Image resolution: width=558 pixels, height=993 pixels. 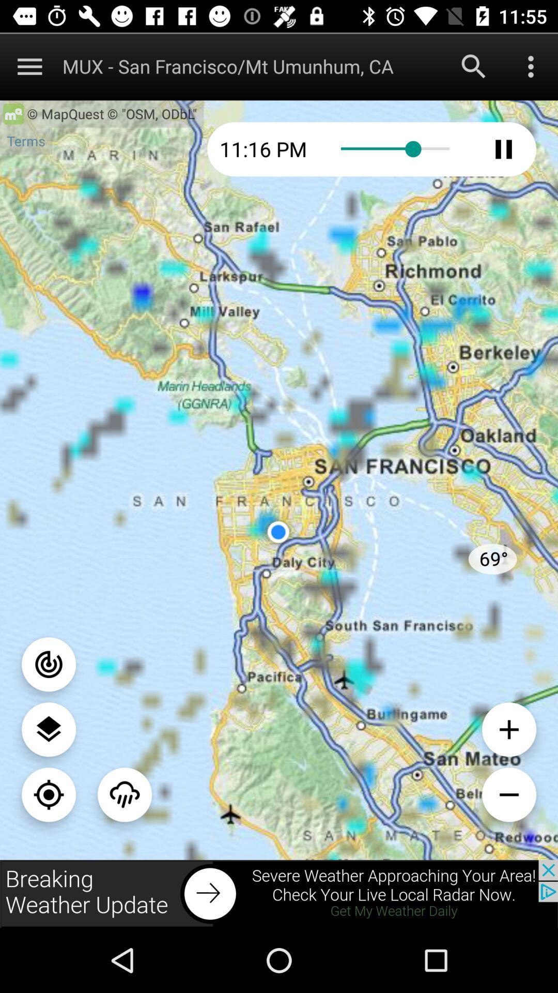 What do you see at coordinates (503, 148) in the screenshot?
I see `pause` at bounding box center [503, 148].